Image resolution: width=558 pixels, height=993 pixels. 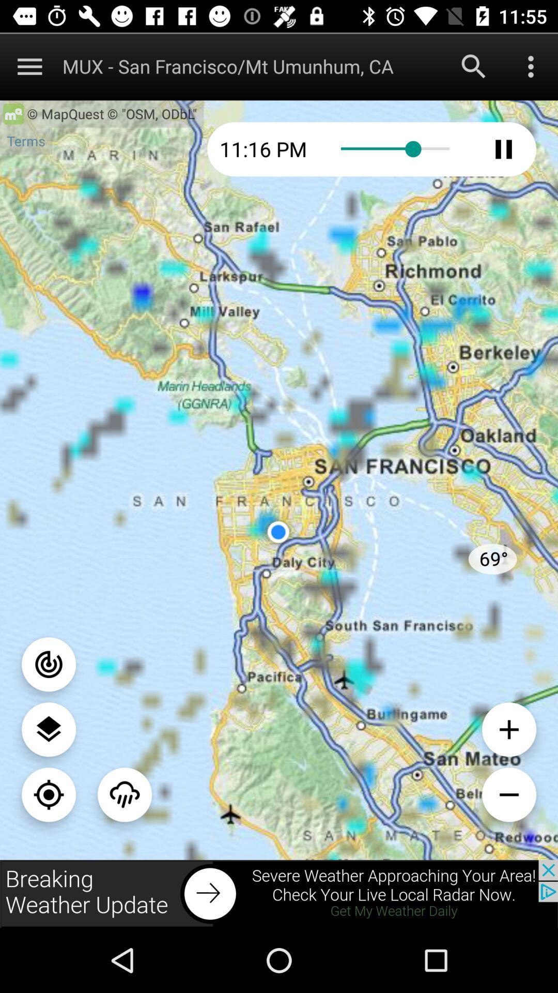 What do you see at coordinates (503, 148) in the screenshot?
I see `pause` at bounding box center [503, 148].